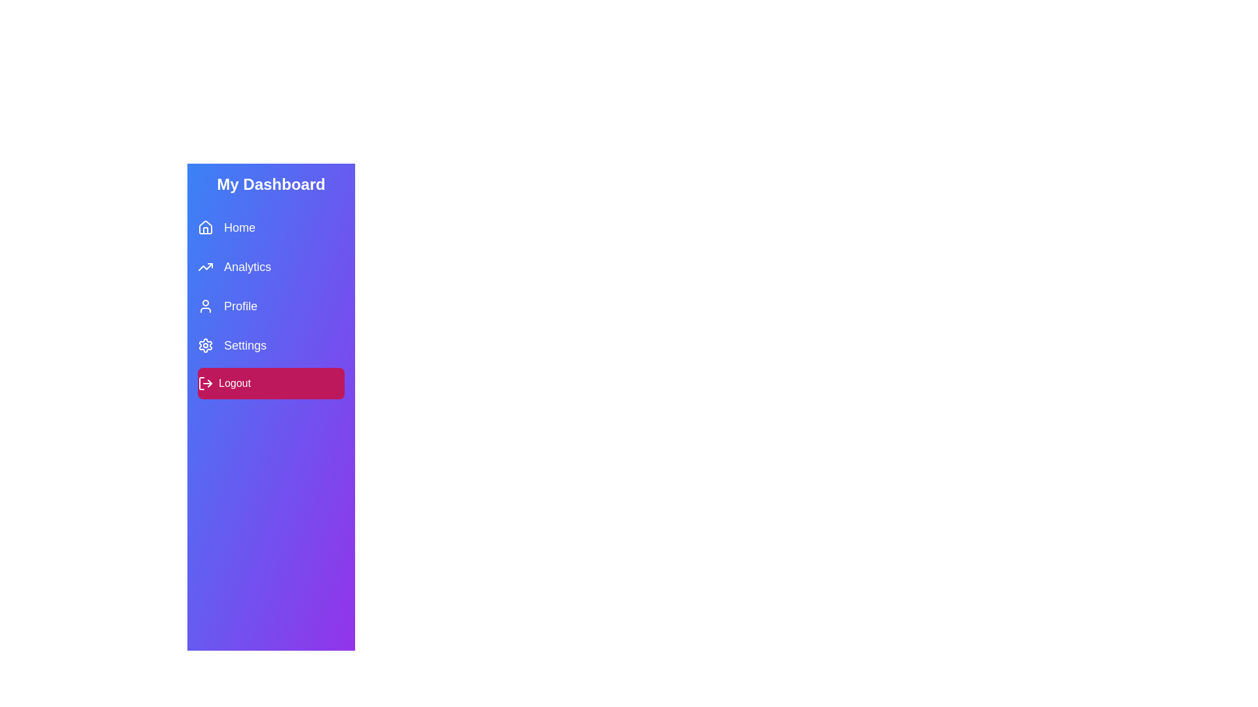  Describe the element at coordinates (204, 306) in the screenshot. I see `the 'Profile' menu item icon, which is positioned to the left of the 'Profile' text in the vertical navigation bar` at that location.